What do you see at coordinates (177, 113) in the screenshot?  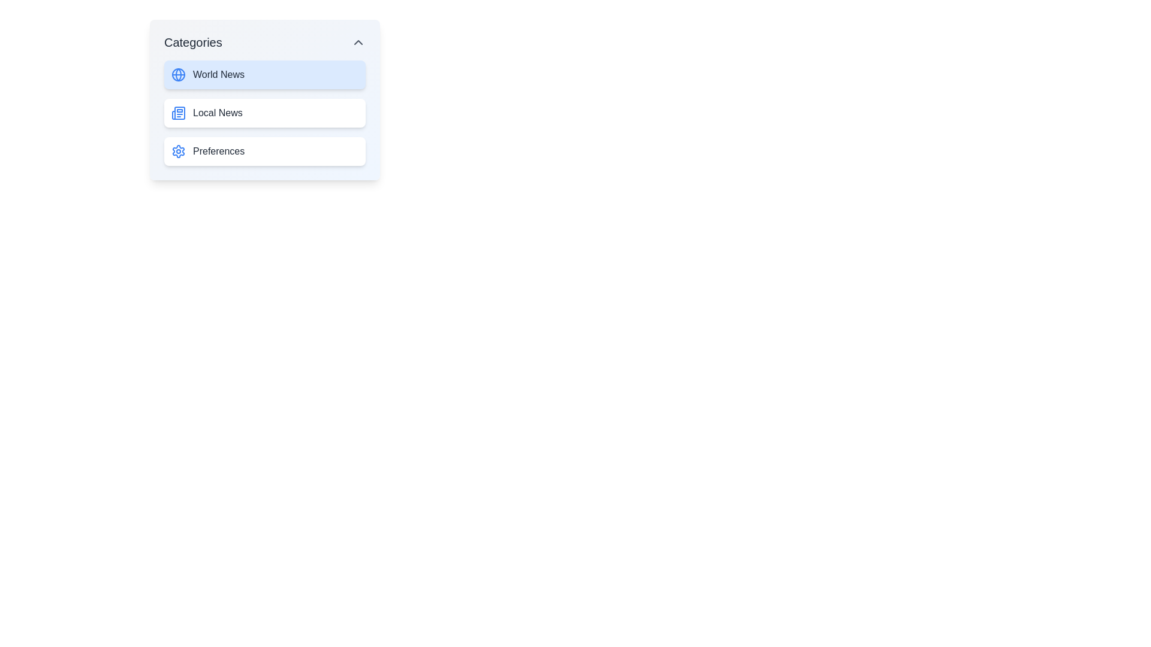 I see `the blue rectangular icon resembling a page or newspaper layout, located to the left of the 'Local News' text in the 'Categories' section` at bounding box center [177, 113].